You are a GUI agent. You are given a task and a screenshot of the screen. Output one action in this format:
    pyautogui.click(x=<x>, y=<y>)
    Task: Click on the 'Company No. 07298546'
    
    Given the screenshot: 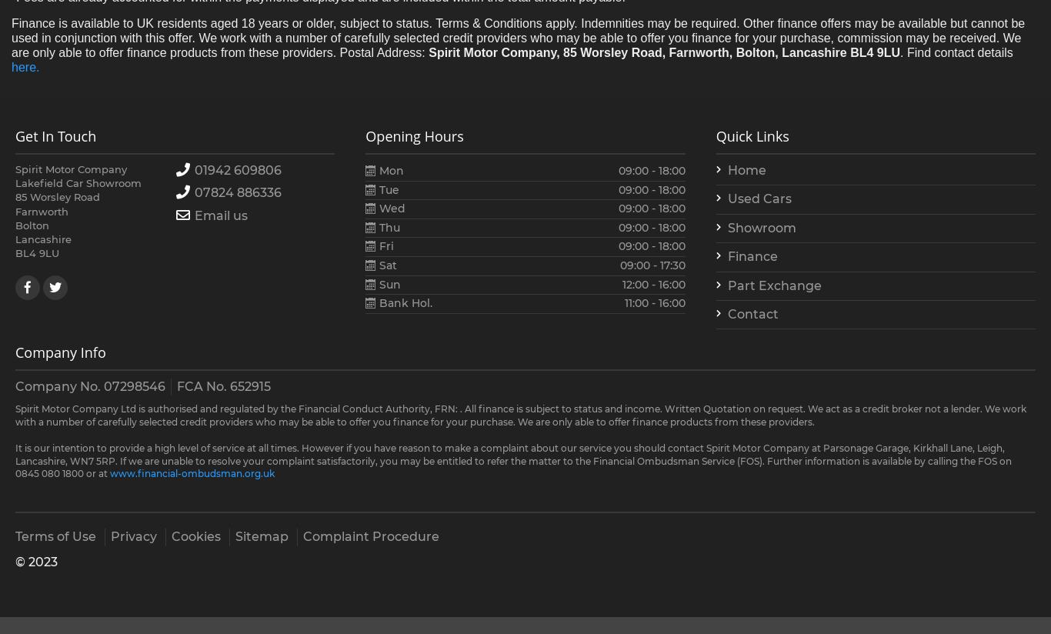 What is the action you would take?
    pyautogui.click(x=89, y=385)
    